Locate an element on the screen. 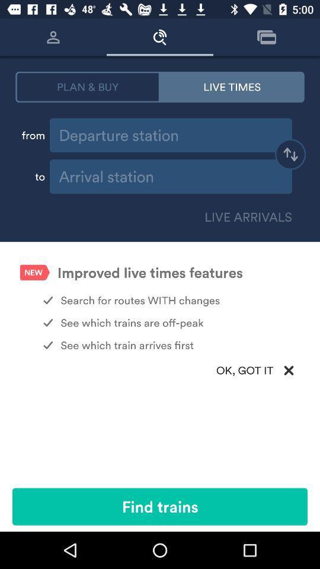 The image size is (320, 569). station name is located at coordinates (170, 135).